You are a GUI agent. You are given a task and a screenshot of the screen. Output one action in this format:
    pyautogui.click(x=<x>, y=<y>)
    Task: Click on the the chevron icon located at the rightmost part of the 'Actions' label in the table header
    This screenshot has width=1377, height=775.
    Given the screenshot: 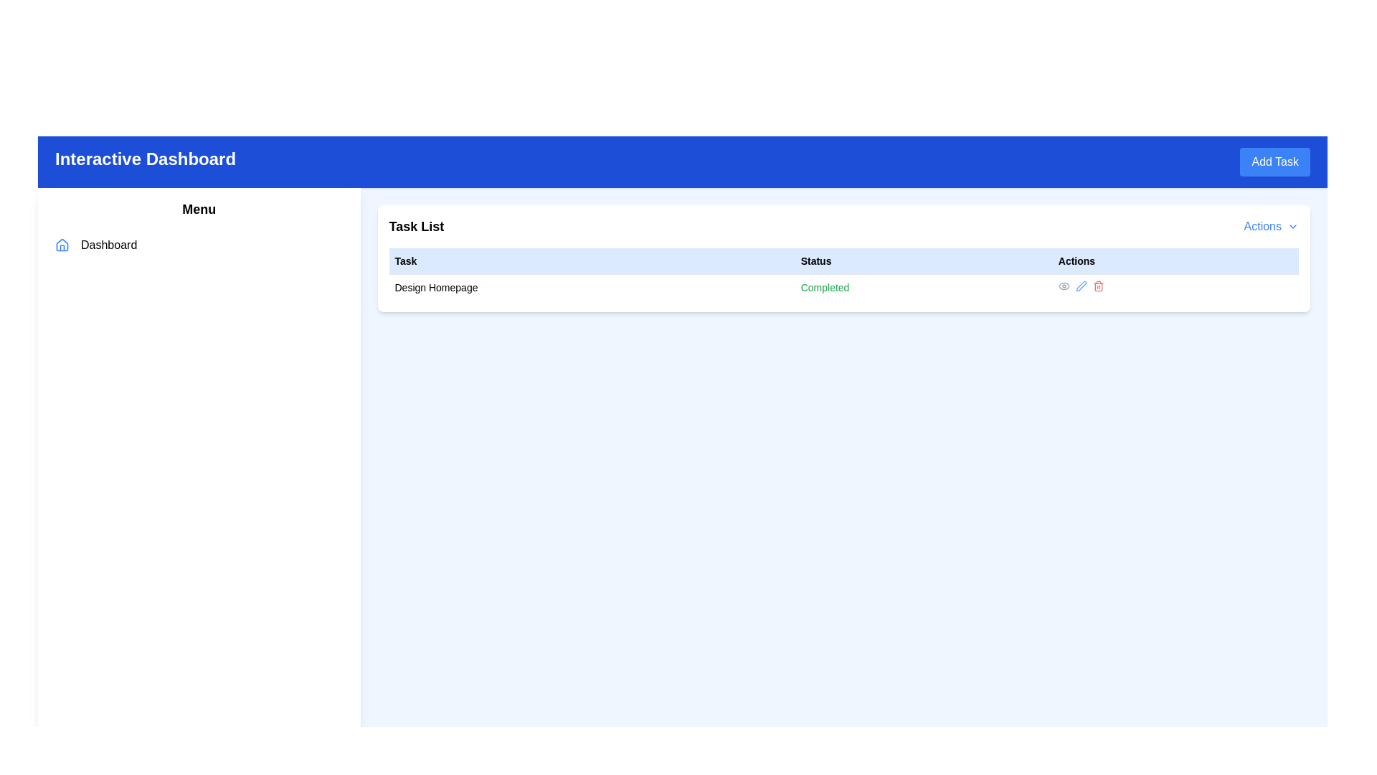 What is the action you would take?
    pyautogui.click(x=1293, y=226)
    